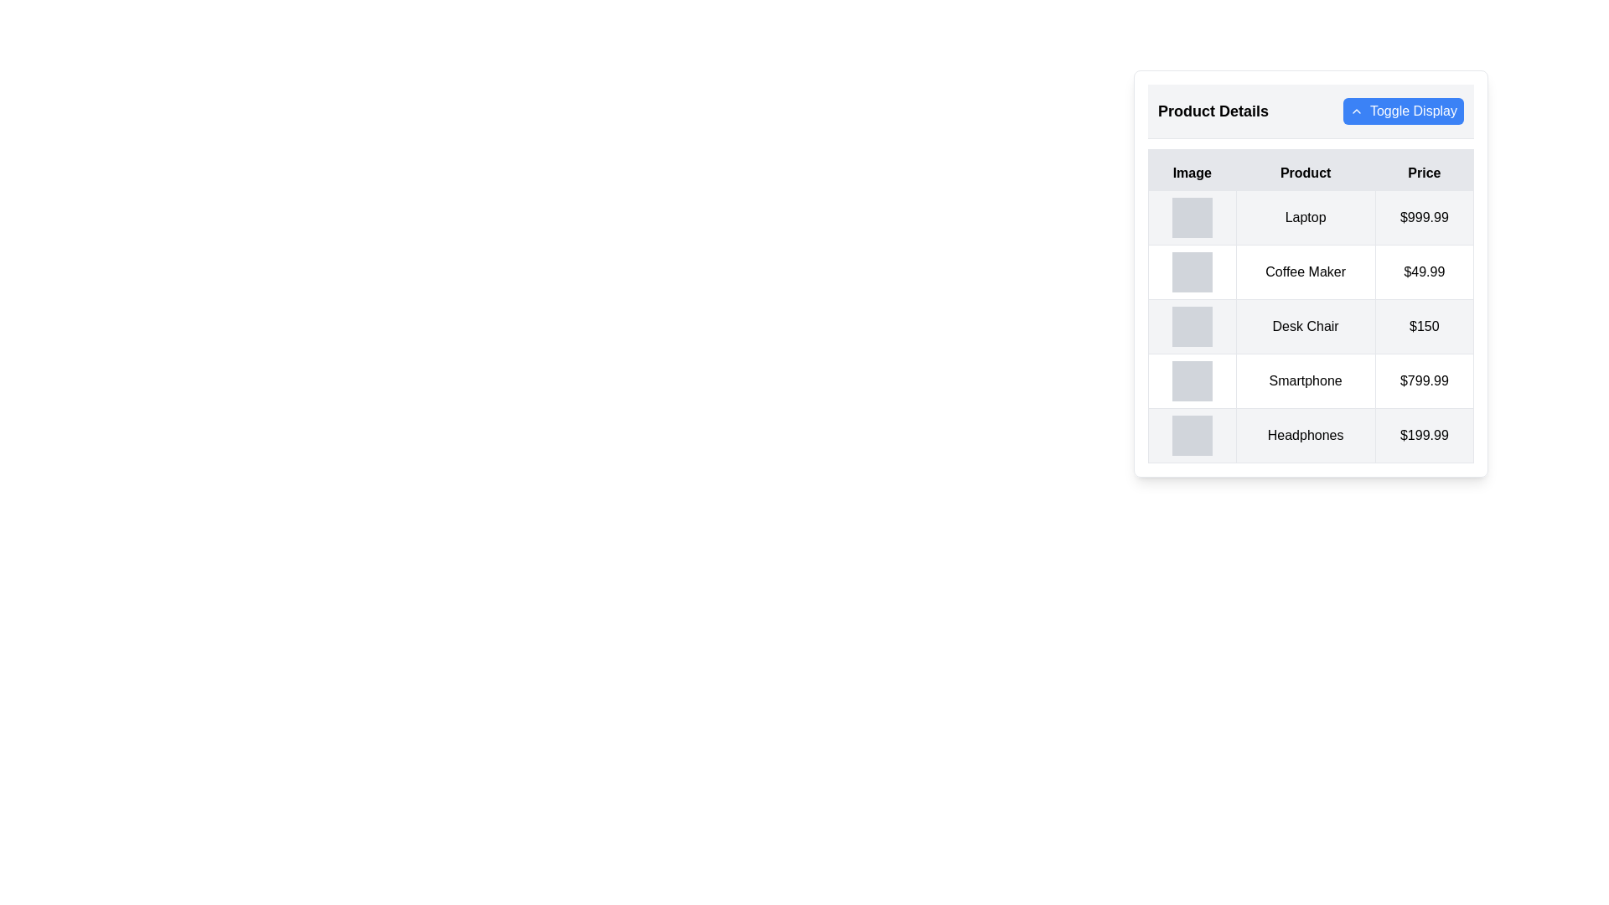  What do you see at coordinates (1404, 111) in the screenshot?
I see `the button with a blue background and white text reading 'Toggle Display' located in the top right corner of the 'Product Details' section` at bounding box center [1404, 111].